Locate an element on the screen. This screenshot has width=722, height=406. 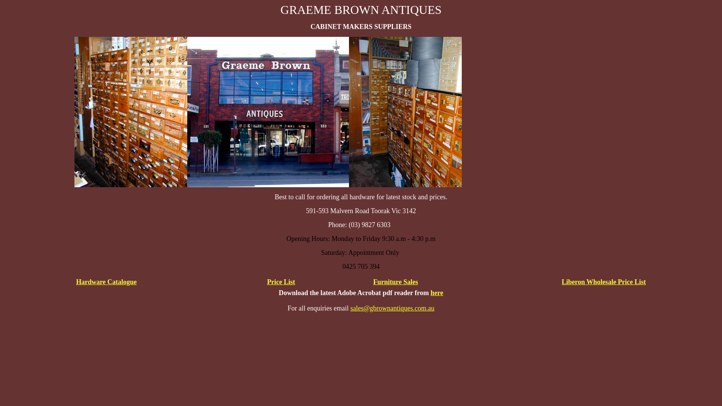
'Hardware Catalogue' is located at coordinates (106, 282).